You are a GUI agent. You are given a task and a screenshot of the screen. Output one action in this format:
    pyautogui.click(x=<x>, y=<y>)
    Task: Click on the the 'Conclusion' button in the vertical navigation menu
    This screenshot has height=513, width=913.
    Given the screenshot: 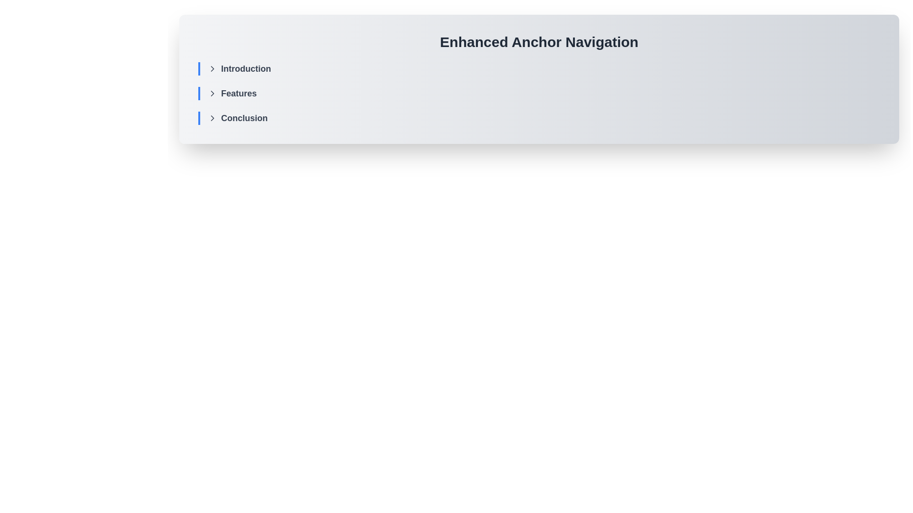 What is the action you would take?
    pyautogui.click(x=237, y=118)
    